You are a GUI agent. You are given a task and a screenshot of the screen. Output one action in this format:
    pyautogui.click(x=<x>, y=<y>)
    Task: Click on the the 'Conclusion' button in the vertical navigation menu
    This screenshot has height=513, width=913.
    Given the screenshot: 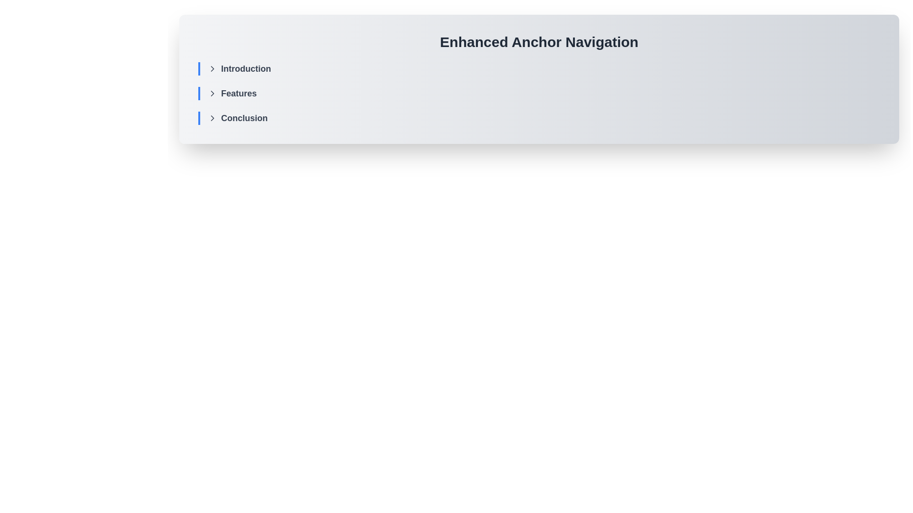 What is the action you would take?
    pyautogui.click(x=237, y=118)
    